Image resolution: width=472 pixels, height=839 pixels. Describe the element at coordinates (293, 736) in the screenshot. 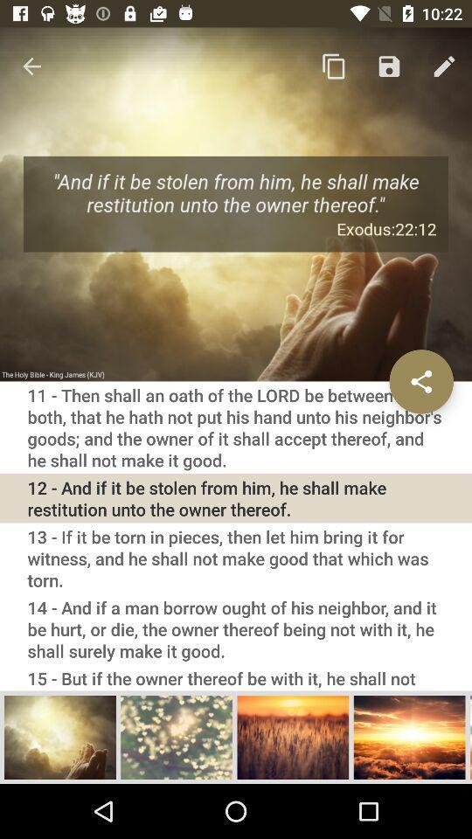

I see `shows one of the option button` at that location.